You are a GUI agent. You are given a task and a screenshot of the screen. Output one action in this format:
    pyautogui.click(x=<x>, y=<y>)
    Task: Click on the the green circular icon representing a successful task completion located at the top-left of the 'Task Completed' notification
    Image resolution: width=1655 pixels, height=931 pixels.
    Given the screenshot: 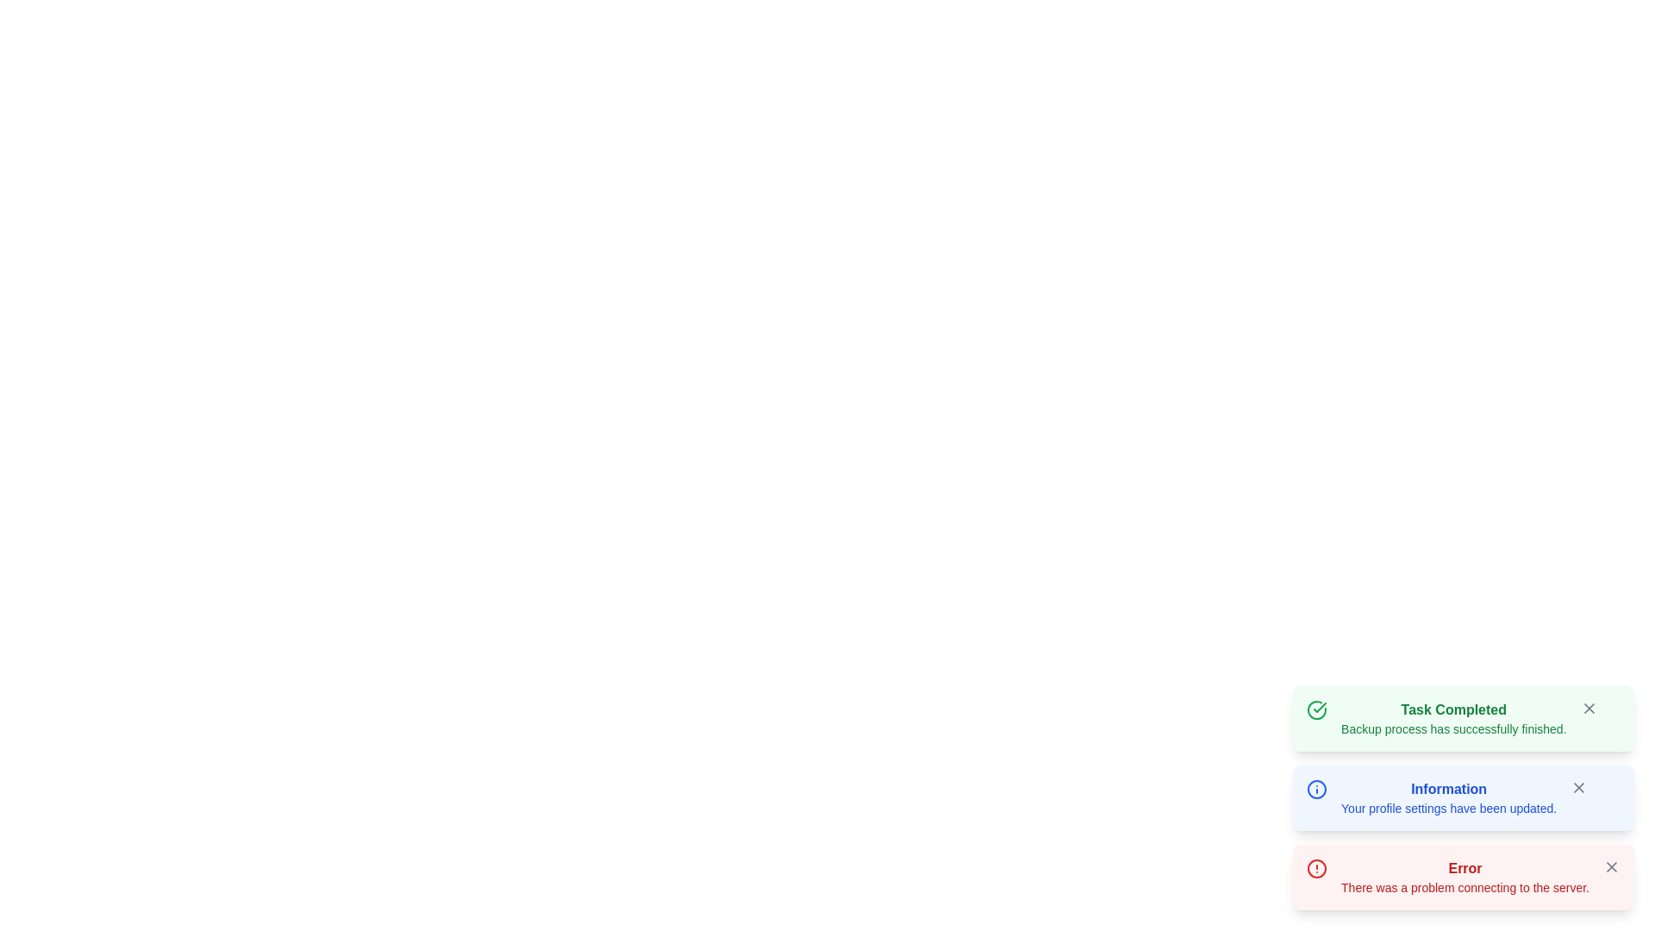 What is the action you would take?
    pyautogui.click(x=1319, y=708)
    